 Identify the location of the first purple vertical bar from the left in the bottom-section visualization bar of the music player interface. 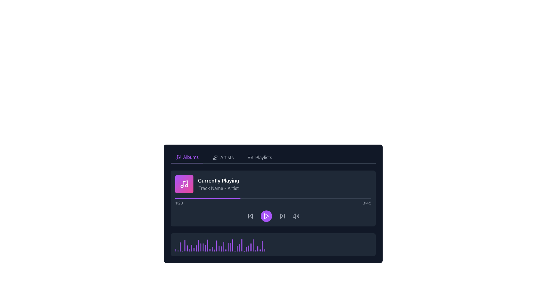
(175, 249).